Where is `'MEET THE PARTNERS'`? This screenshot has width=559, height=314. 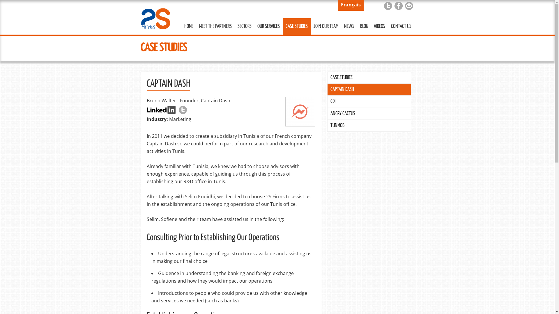
'MEET THE PARTNERS' is located at coordinates (215, 26).